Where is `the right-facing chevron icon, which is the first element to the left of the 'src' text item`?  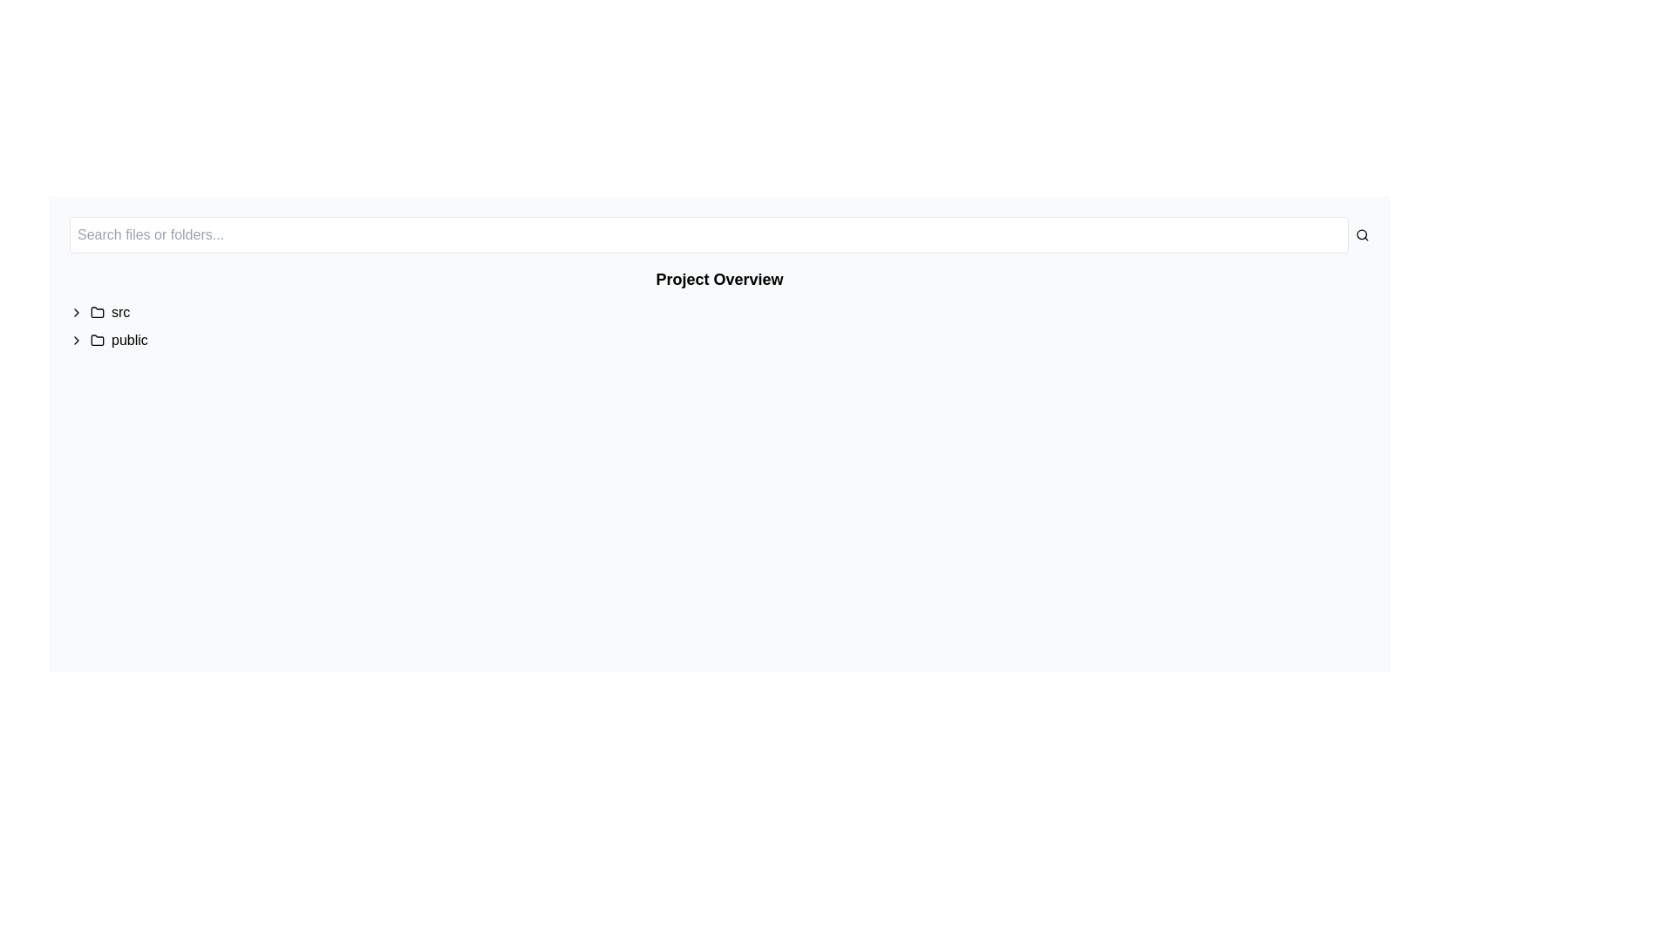
the right-facing chevron icon, which is the first element to the left of the 'src' text item is located at coordinates (75, 311).